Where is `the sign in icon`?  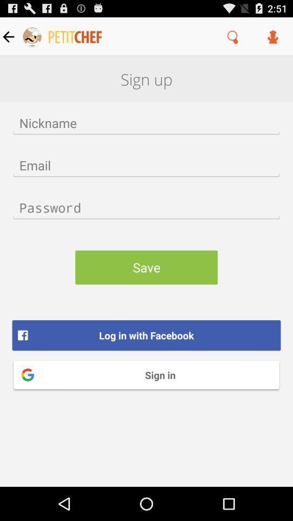
the sign in icon is located at coordinates (146, 374).